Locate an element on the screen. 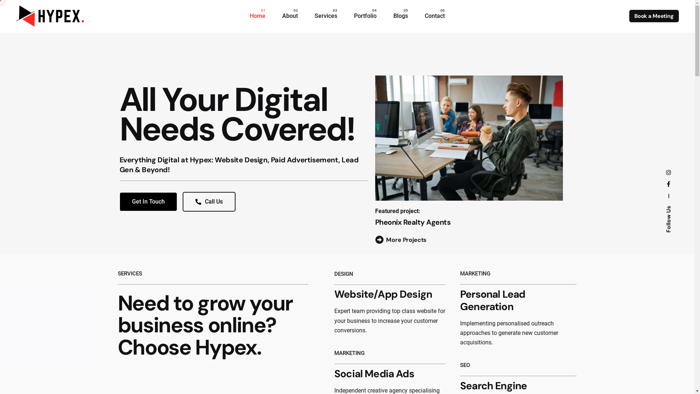 The width and height of the screenshot is (700, 394). 'Blogs' is located at coordinates (385, 16).